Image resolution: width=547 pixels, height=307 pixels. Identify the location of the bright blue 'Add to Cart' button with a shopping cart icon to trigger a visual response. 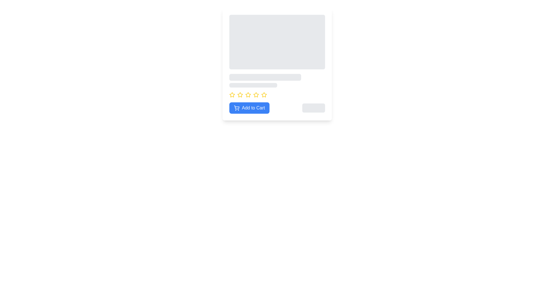
(249, 108).